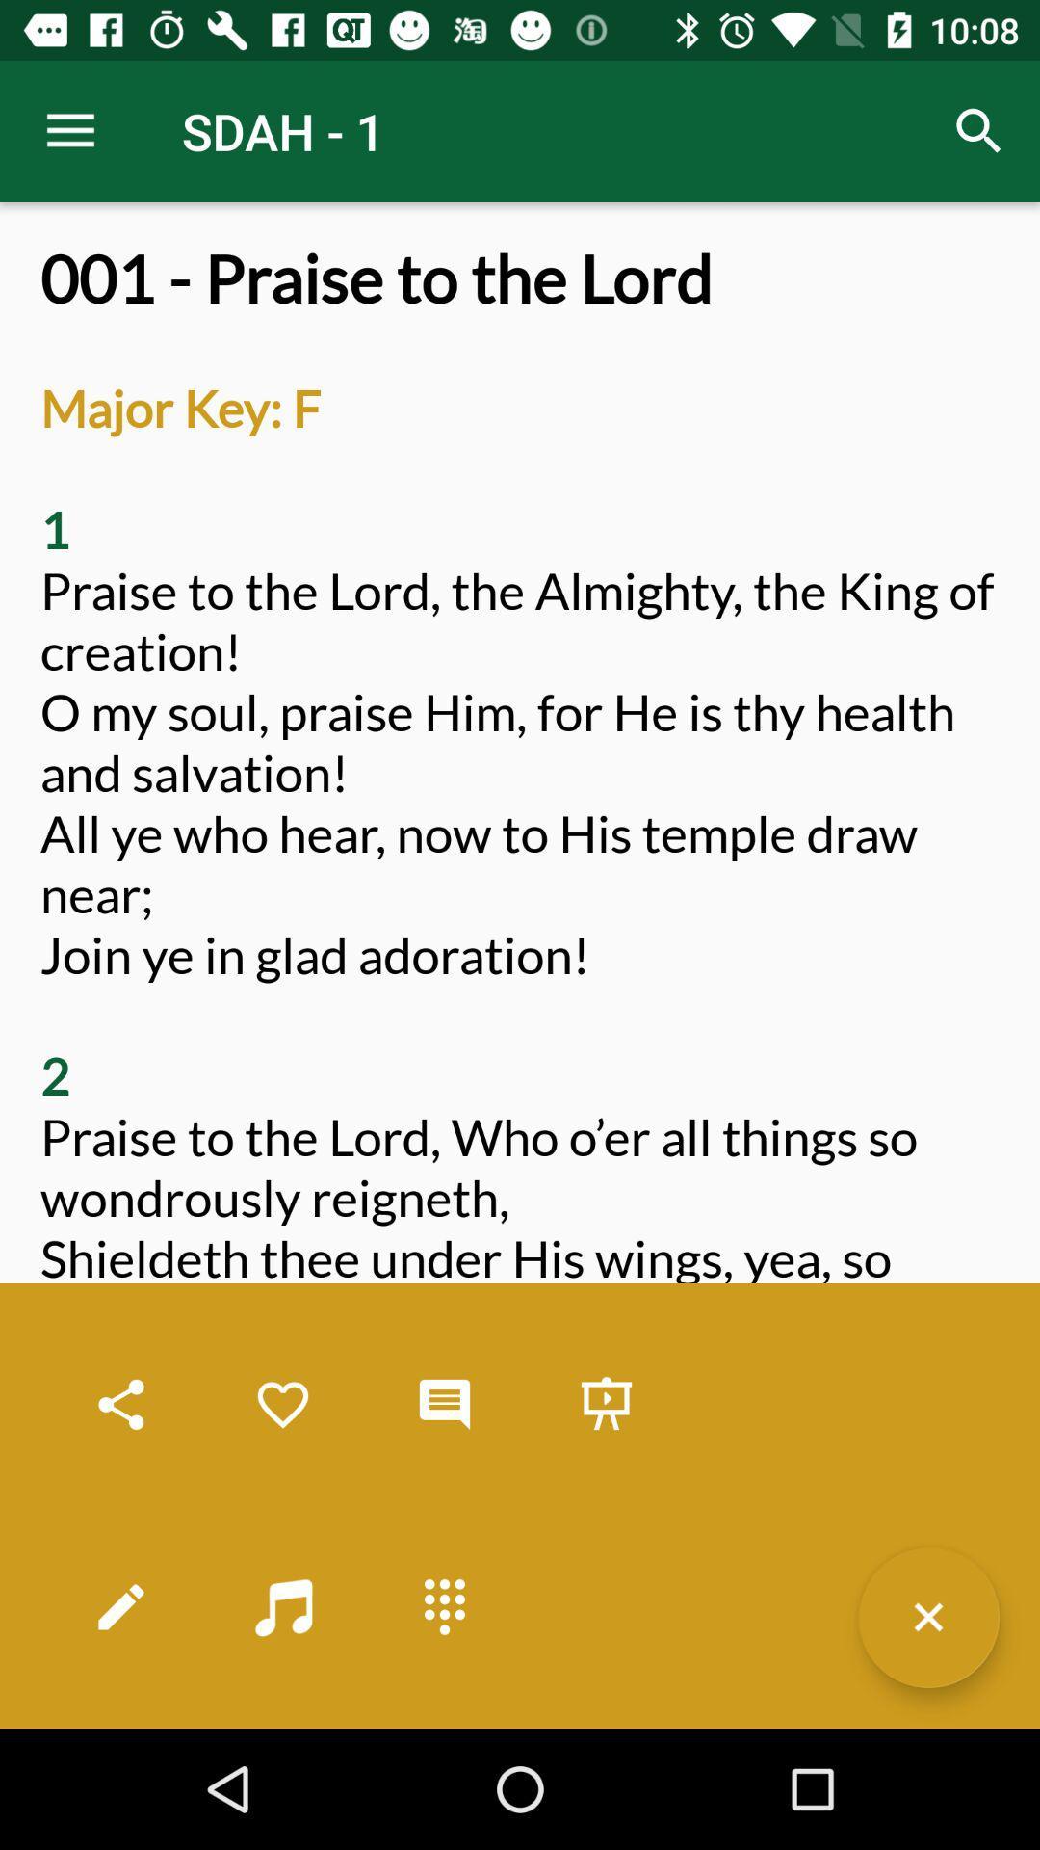  What do you see at coordinates (979, 130) in the screenshot?
I see `icon above 001 praise to item` at bounding box center [979, 130].